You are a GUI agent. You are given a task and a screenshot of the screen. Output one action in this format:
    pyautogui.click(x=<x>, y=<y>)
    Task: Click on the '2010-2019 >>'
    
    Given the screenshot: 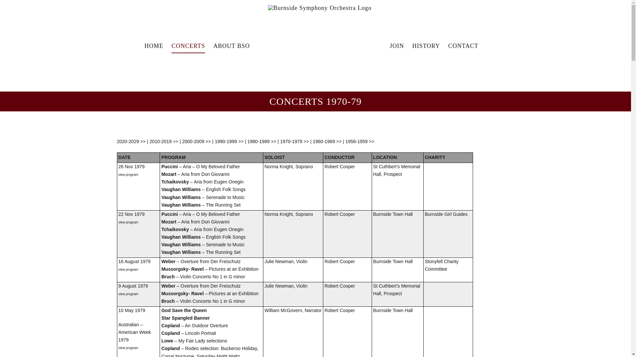 What is the action you would take?
    pyautogui.click(x=164, y=141)
    